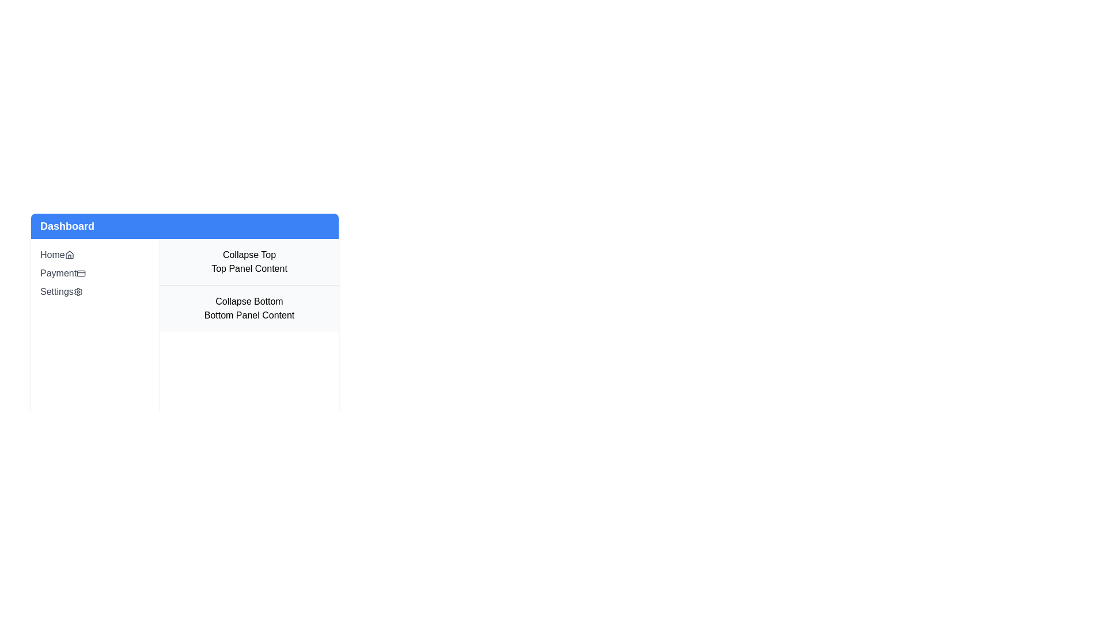 The image size is (1106, 622). I want to click on the 'Home' navigation menu icon, which is the first icon in the vertical navigation menu located next to the text 'Home', so click(69, 255).